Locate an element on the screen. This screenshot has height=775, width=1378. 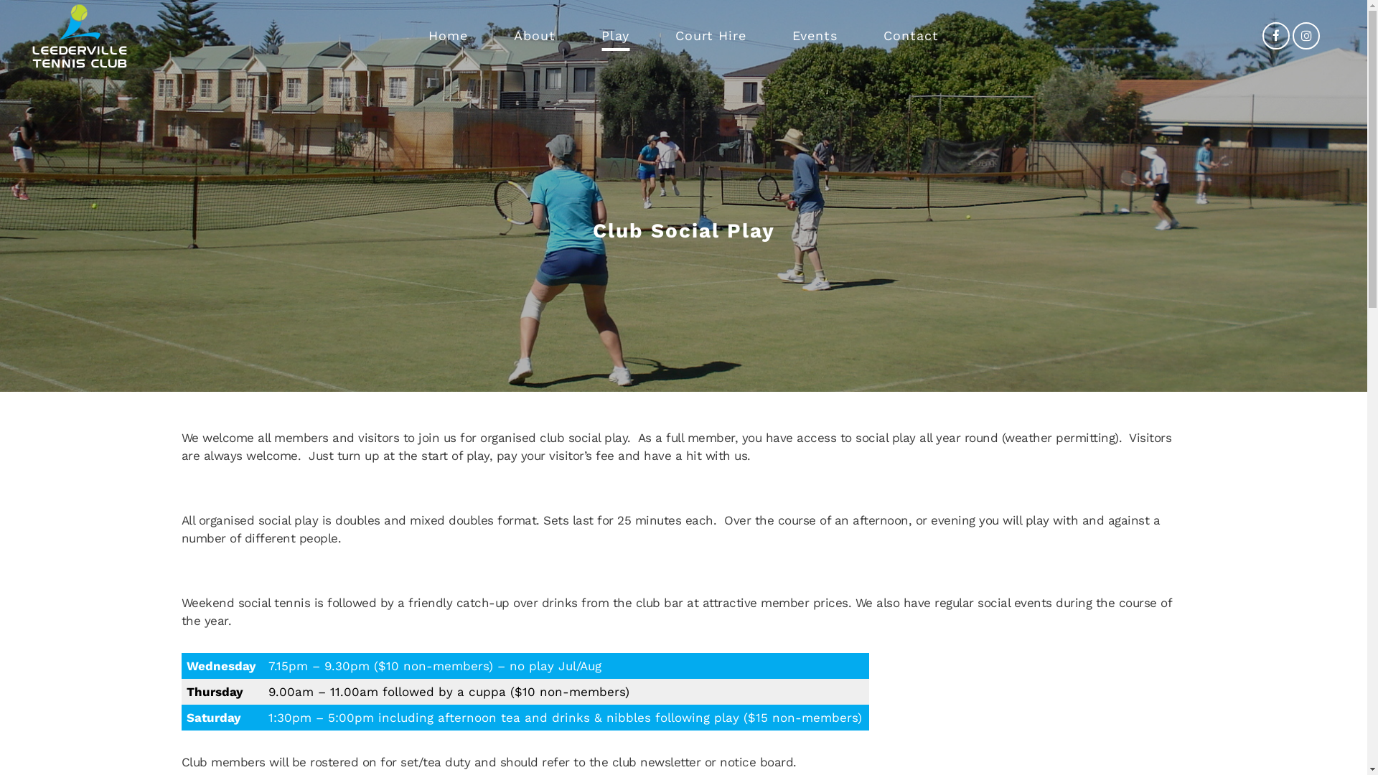
'Events' is located at coordinates (815, 35).